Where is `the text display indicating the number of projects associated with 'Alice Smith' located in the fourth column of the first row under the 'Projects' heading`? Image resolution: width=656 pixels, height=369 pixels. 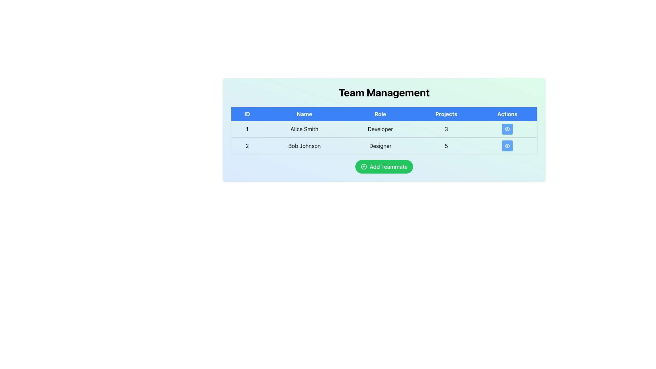 the text display indicating the number of projects associated with 'Alice Smith' located in the fourth column of the first row under the 'Projects' heading is located at coordinates (446, 129).